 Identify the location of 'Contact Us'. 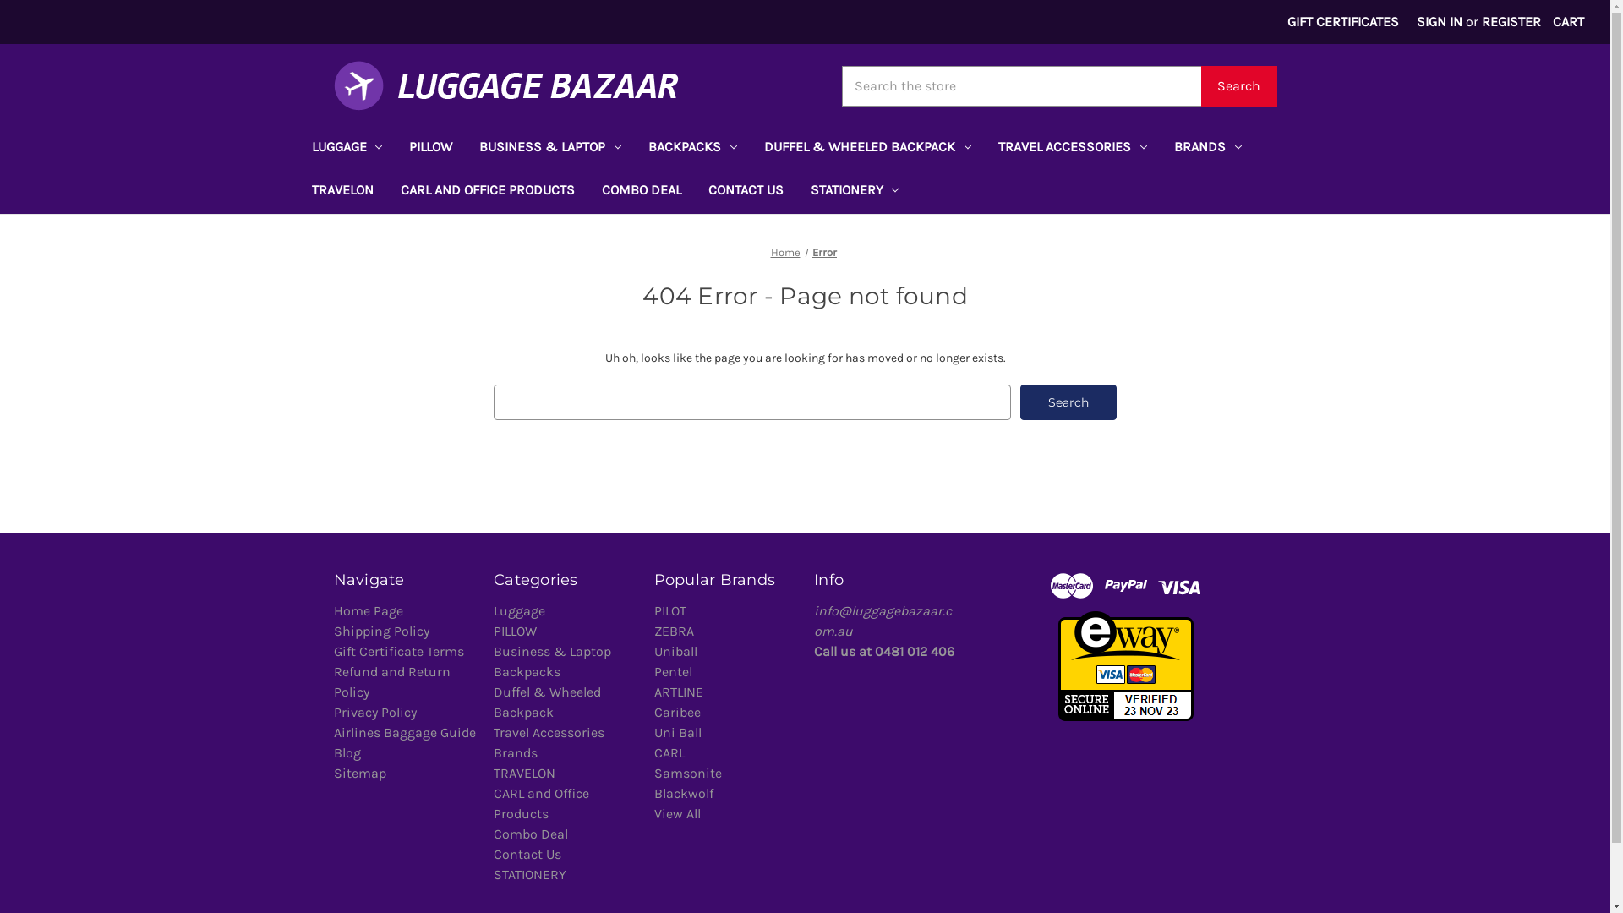
(527, 854).